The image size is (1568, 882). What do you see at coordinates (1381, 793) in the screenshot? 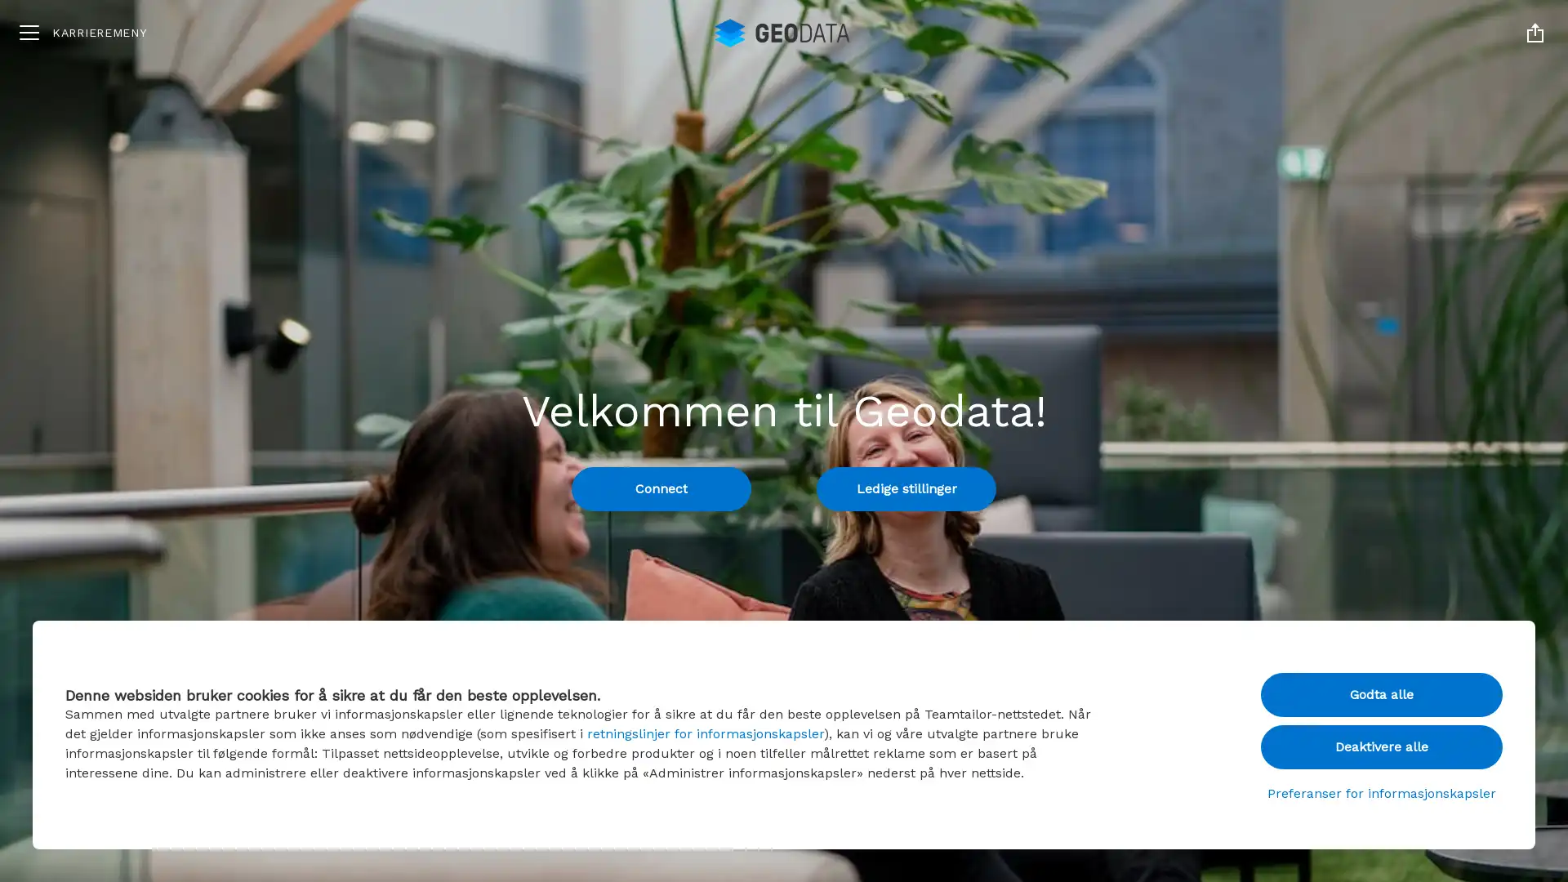
I see `Preferanser for informasjonskapsler` at bounding box center [1381, 793].